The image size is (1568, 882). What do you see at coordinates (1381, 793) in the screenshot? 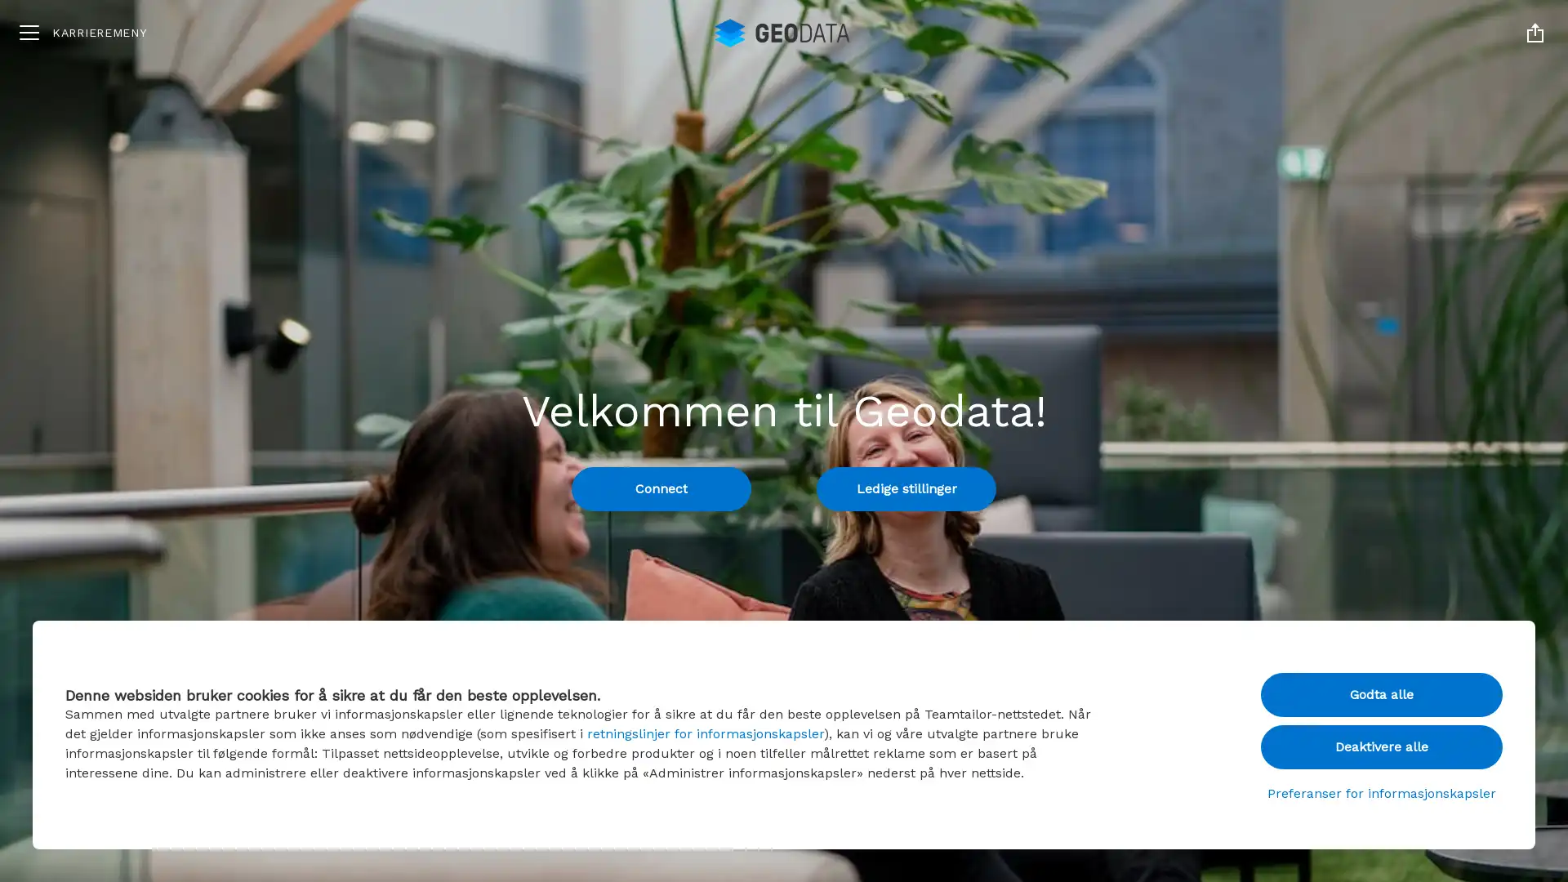
I see `Preferanser for informasjonskapsler` at bounding box center [1381, 793].